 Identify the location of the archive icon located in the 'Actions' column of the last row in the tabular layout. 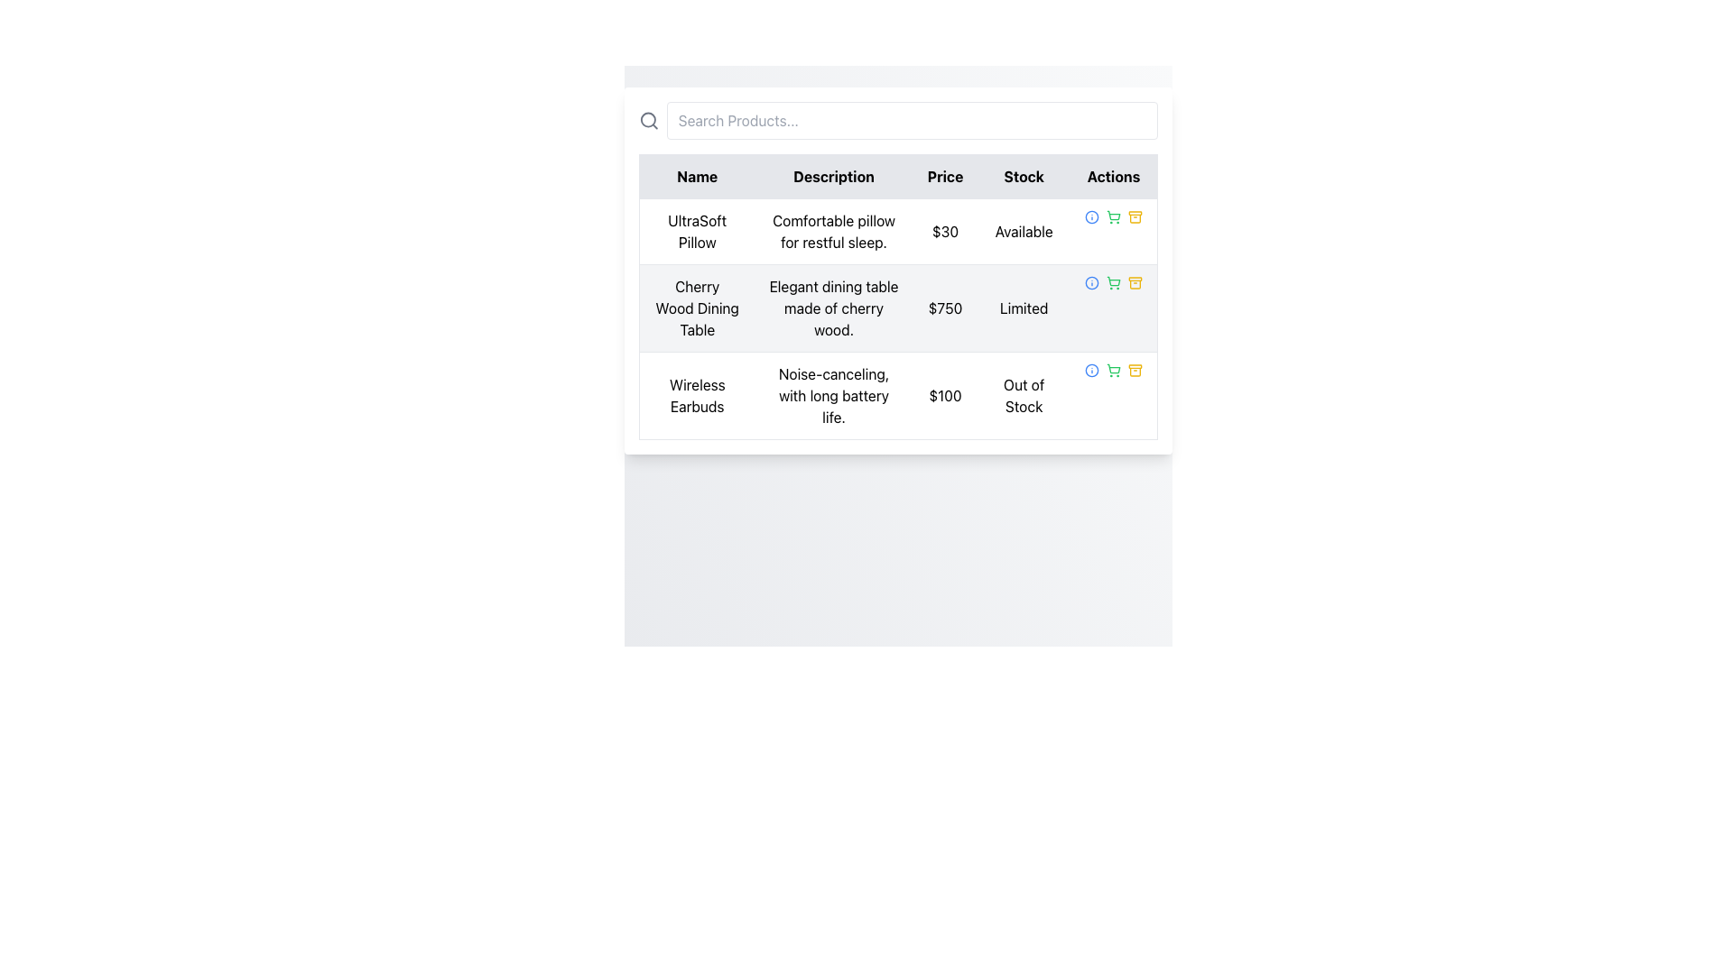
(1134, 371).